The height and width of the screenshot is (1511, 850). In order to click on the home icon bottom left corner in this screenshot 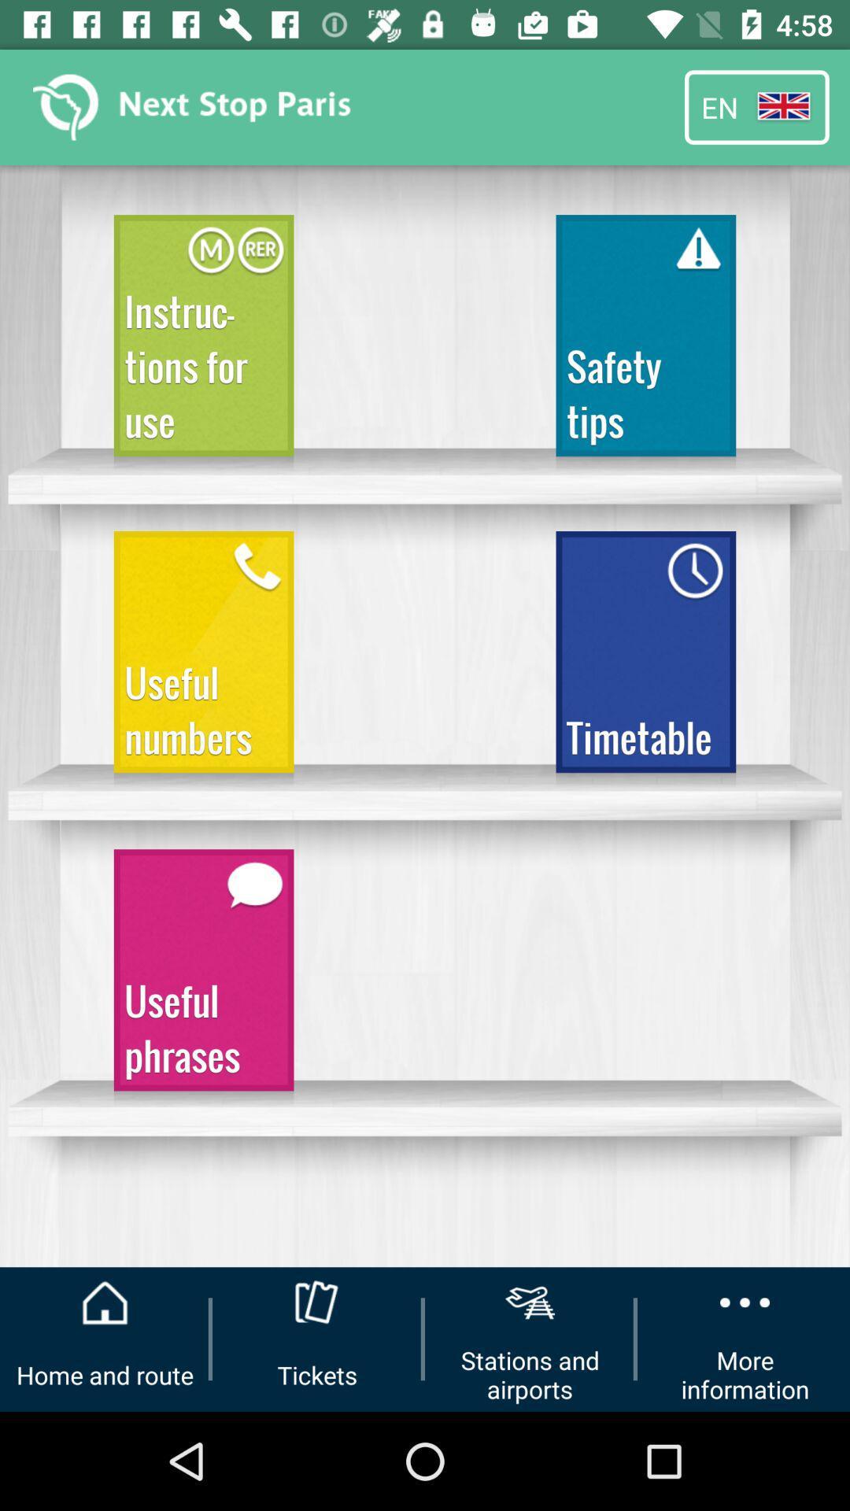, I will do `click(105, 1302)`.